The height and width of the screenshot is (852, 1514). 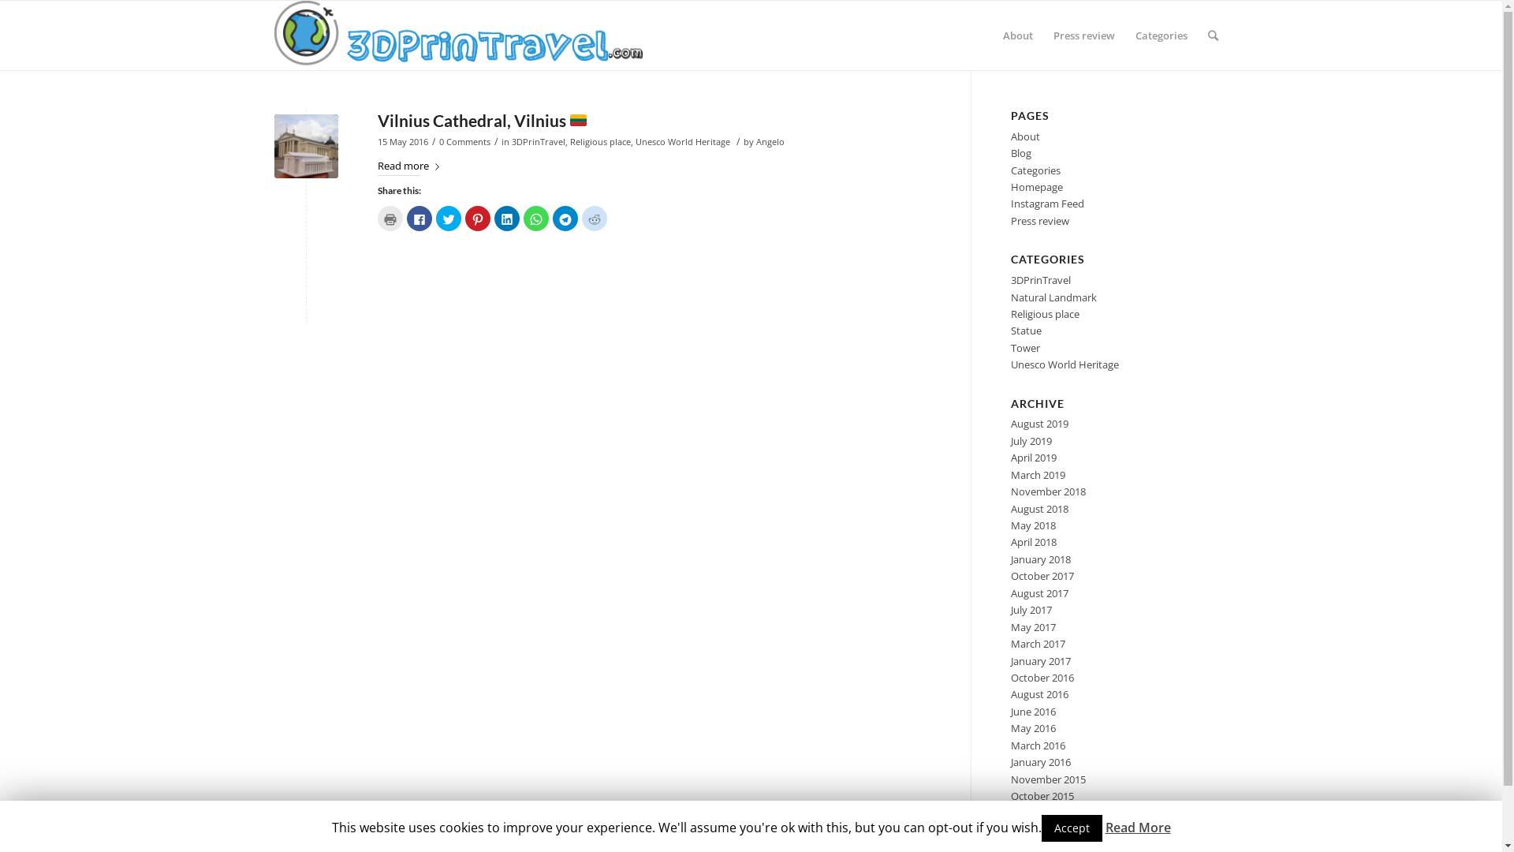 I want to click on 'August 2018', so click(x=1039, y=508).